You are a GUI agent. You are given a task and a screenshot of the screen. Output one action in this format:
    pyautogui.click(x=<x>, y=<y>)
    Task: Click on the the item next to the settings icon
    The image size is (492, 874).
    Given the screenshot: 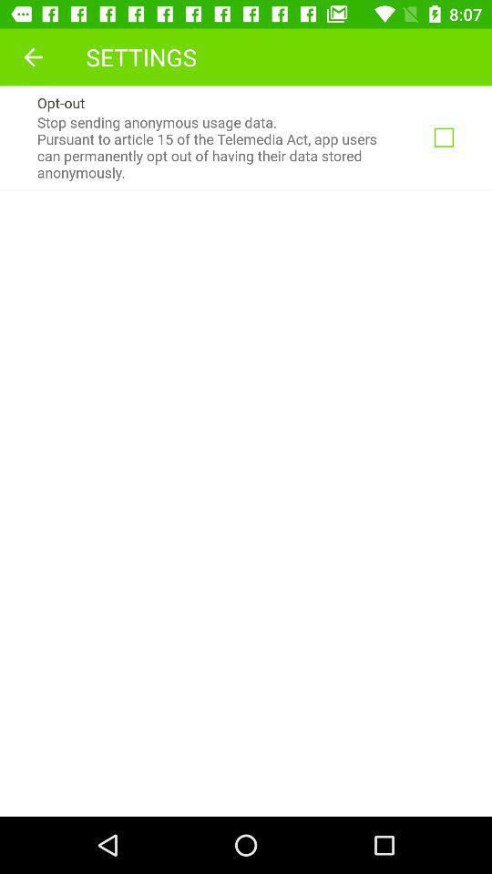 What is the action you would take?
    pyautogui.click(x=33, y=56)
    